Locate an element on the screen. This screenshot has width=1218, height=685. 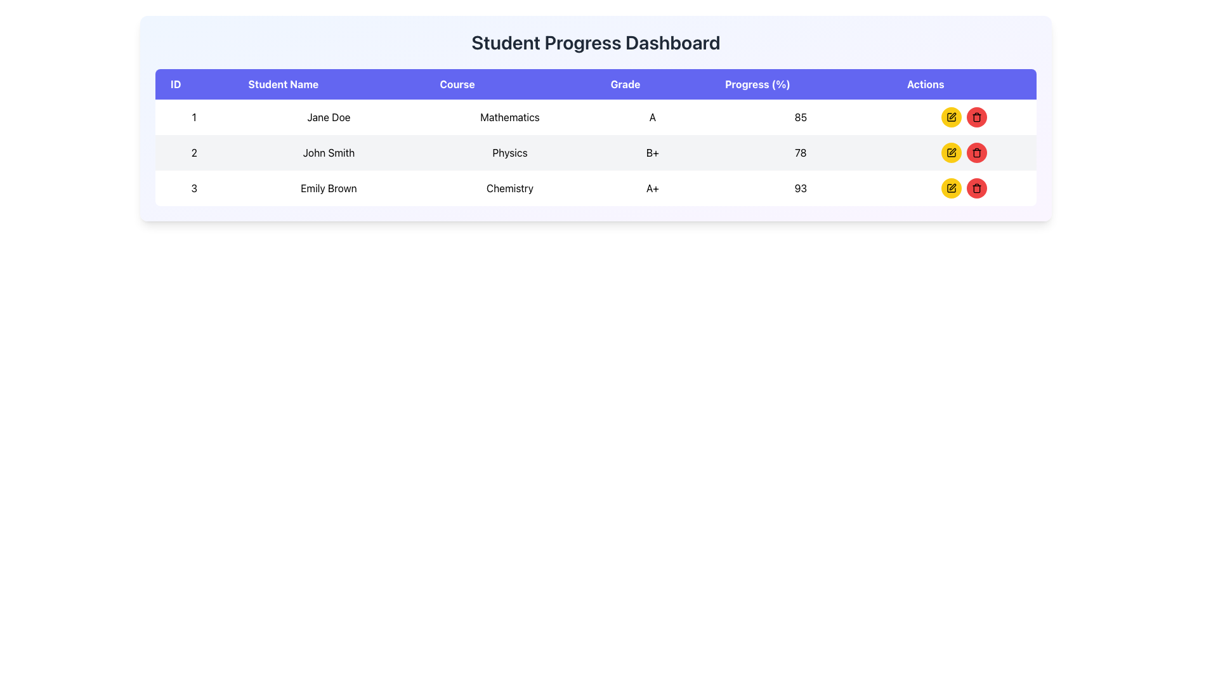
the circular delete button in the 'Actions' column of the first row of the table is located at coordinates (976, 117).